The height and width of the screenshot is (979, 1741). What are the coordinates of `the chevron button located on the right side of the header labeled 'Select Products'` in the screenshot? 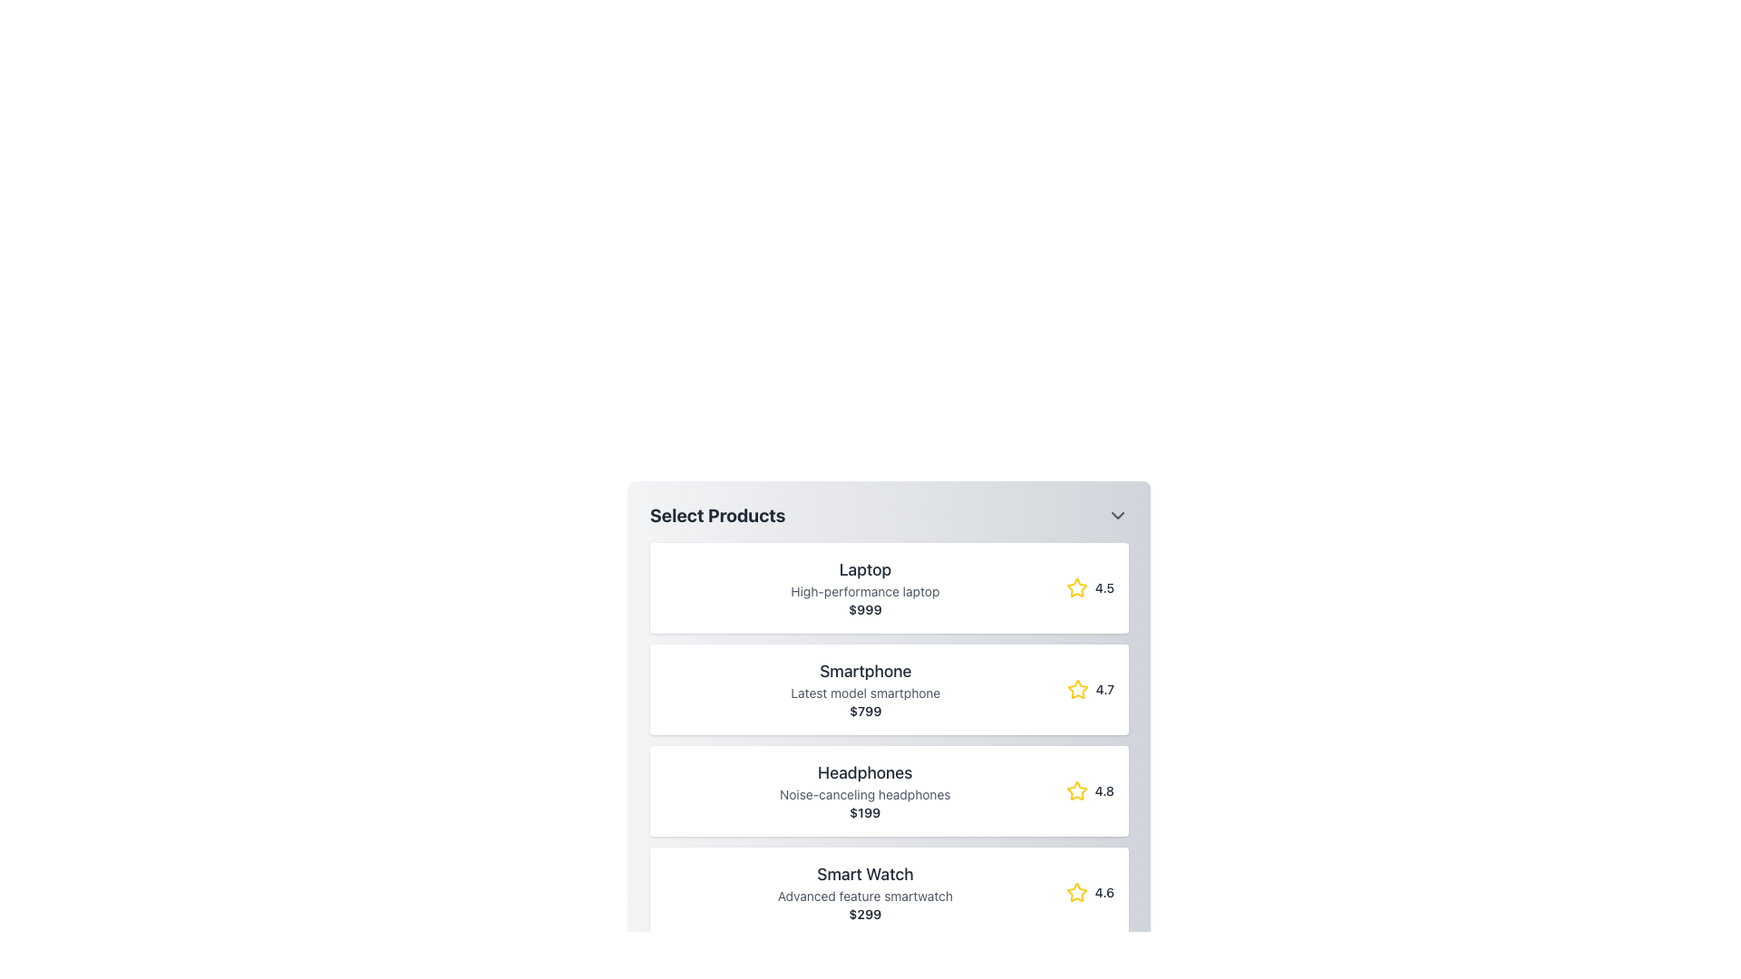 It's located at (1117, 516).